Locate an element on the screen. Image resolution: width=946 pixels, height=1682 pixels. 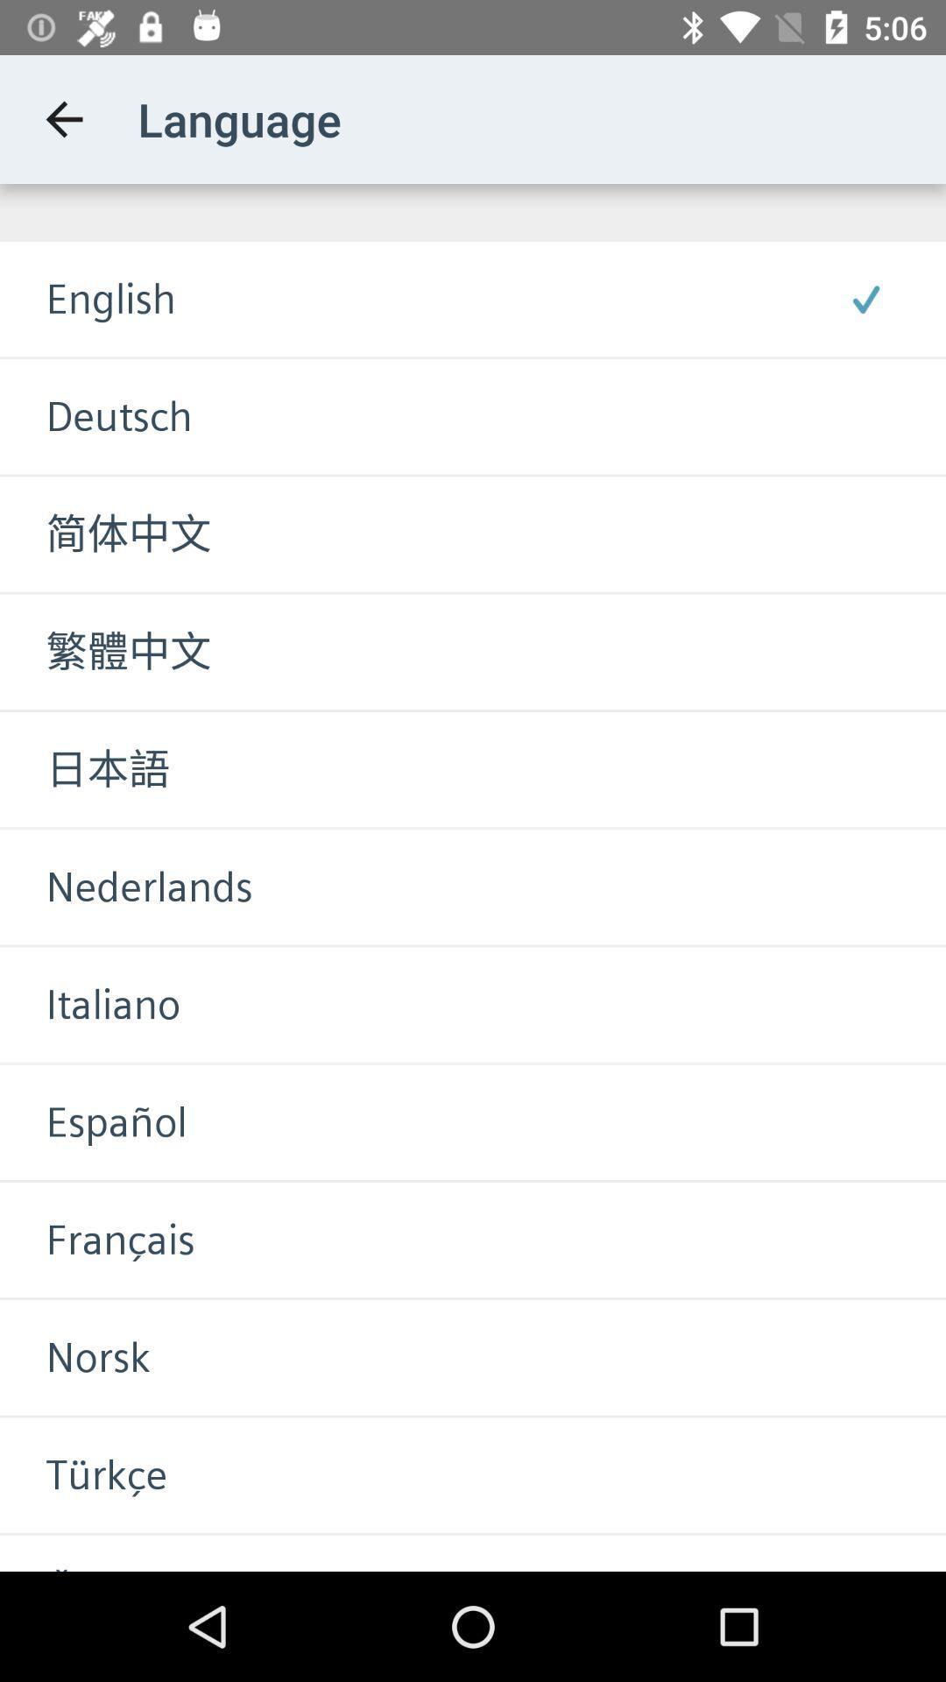
the item below the deutsch item is located at coordinates (105, 534).